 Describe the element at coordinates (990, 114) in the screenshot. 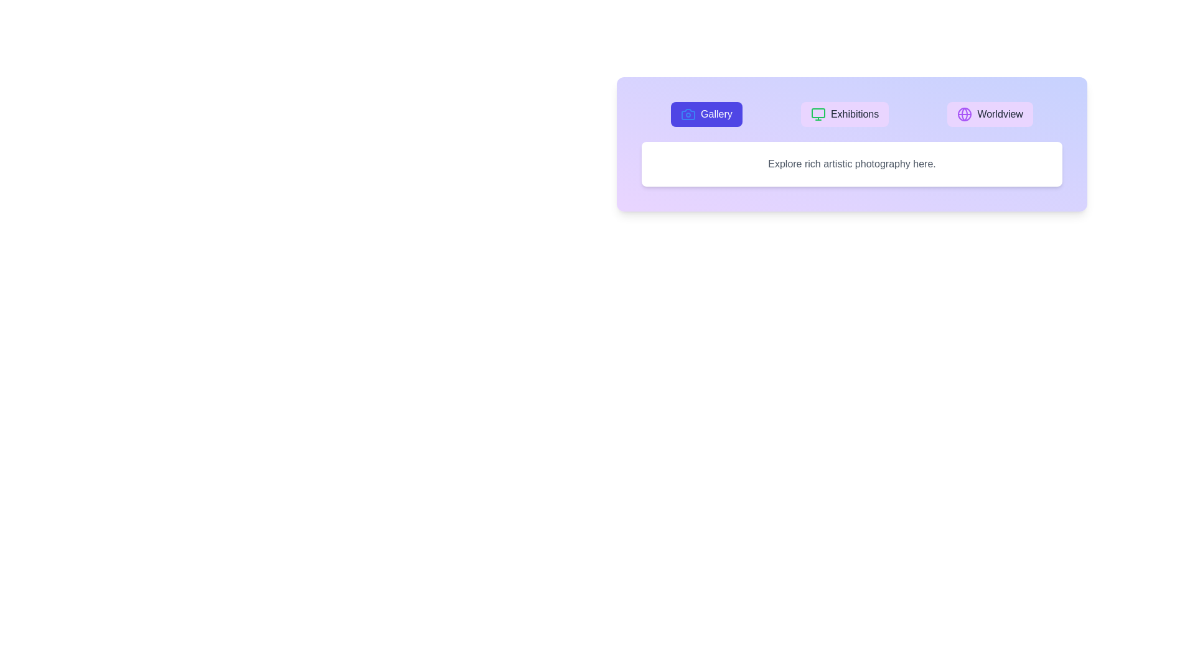

I see `the Worldview tab by clicking on the corresponding button` at that location.